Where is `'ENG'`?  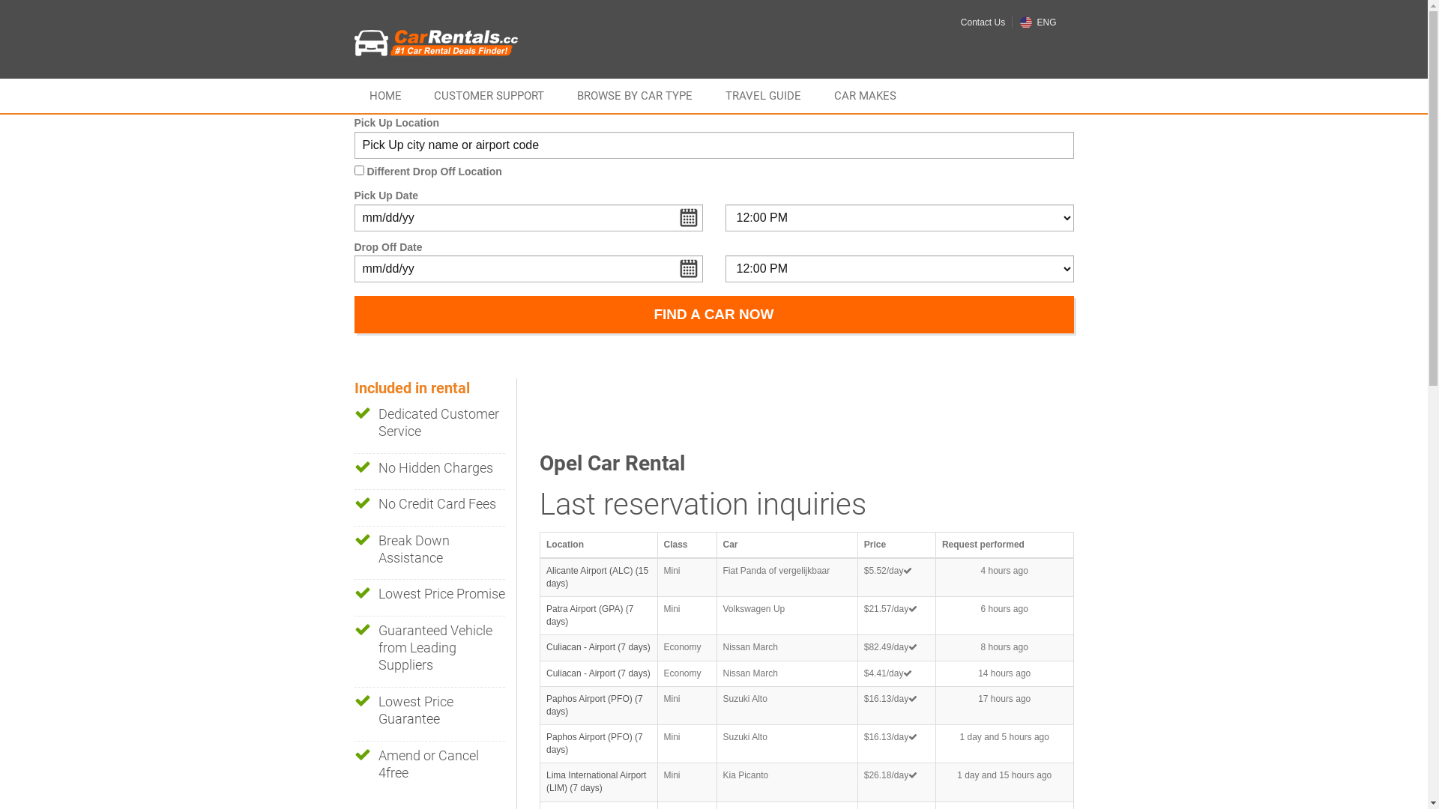
'ENG' is located at coordinates (1019, 22).